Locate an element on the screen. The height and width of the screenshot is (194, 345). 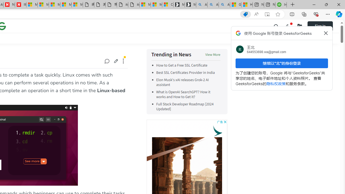
'Best SSL Certificates Provider in India' is located at coordinates (185, 73).